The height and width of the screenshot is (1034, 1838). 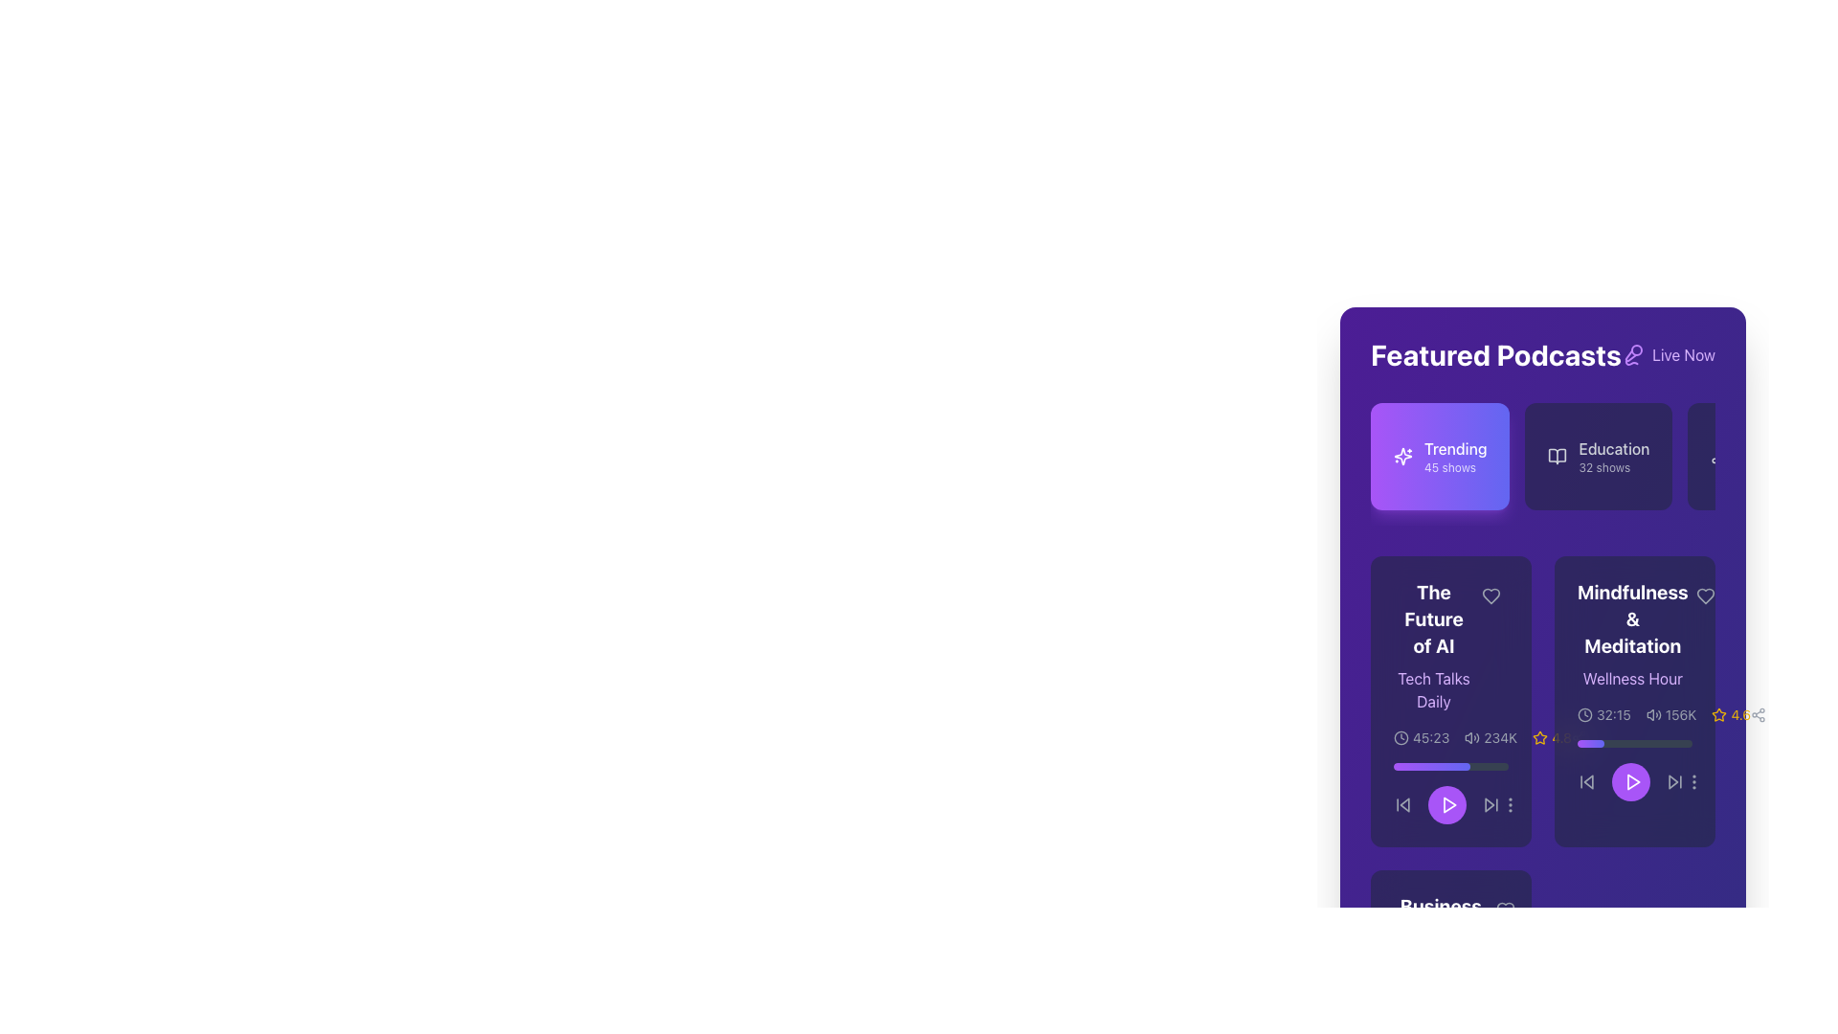 What do you see at coordinates (1499, 737) in the screenshot?
I see `displayed numerical value on the Text label located to the right of the audio icon within the metadata grouping below 'The Future of AI' podcast card` at bounding box center [1499, 737].